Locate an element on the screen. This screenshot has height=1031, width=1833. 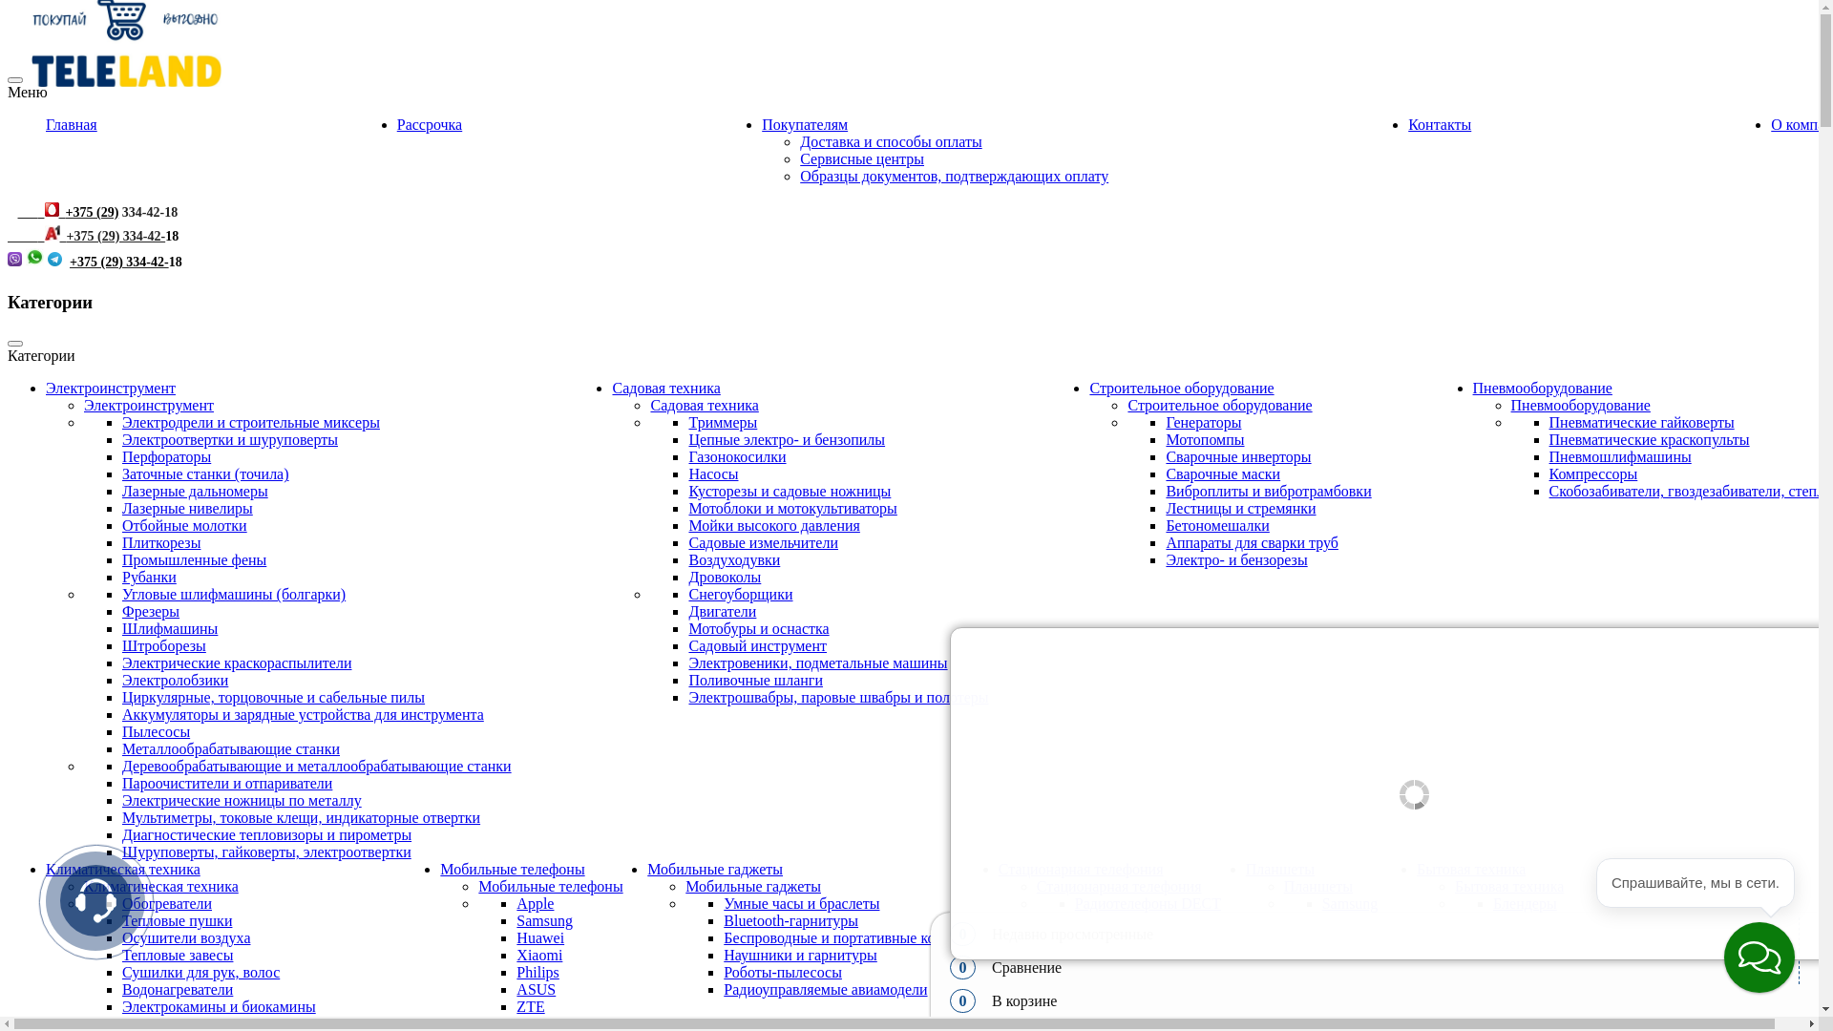
'Xiaomi' is located at coordinates (516, 955).